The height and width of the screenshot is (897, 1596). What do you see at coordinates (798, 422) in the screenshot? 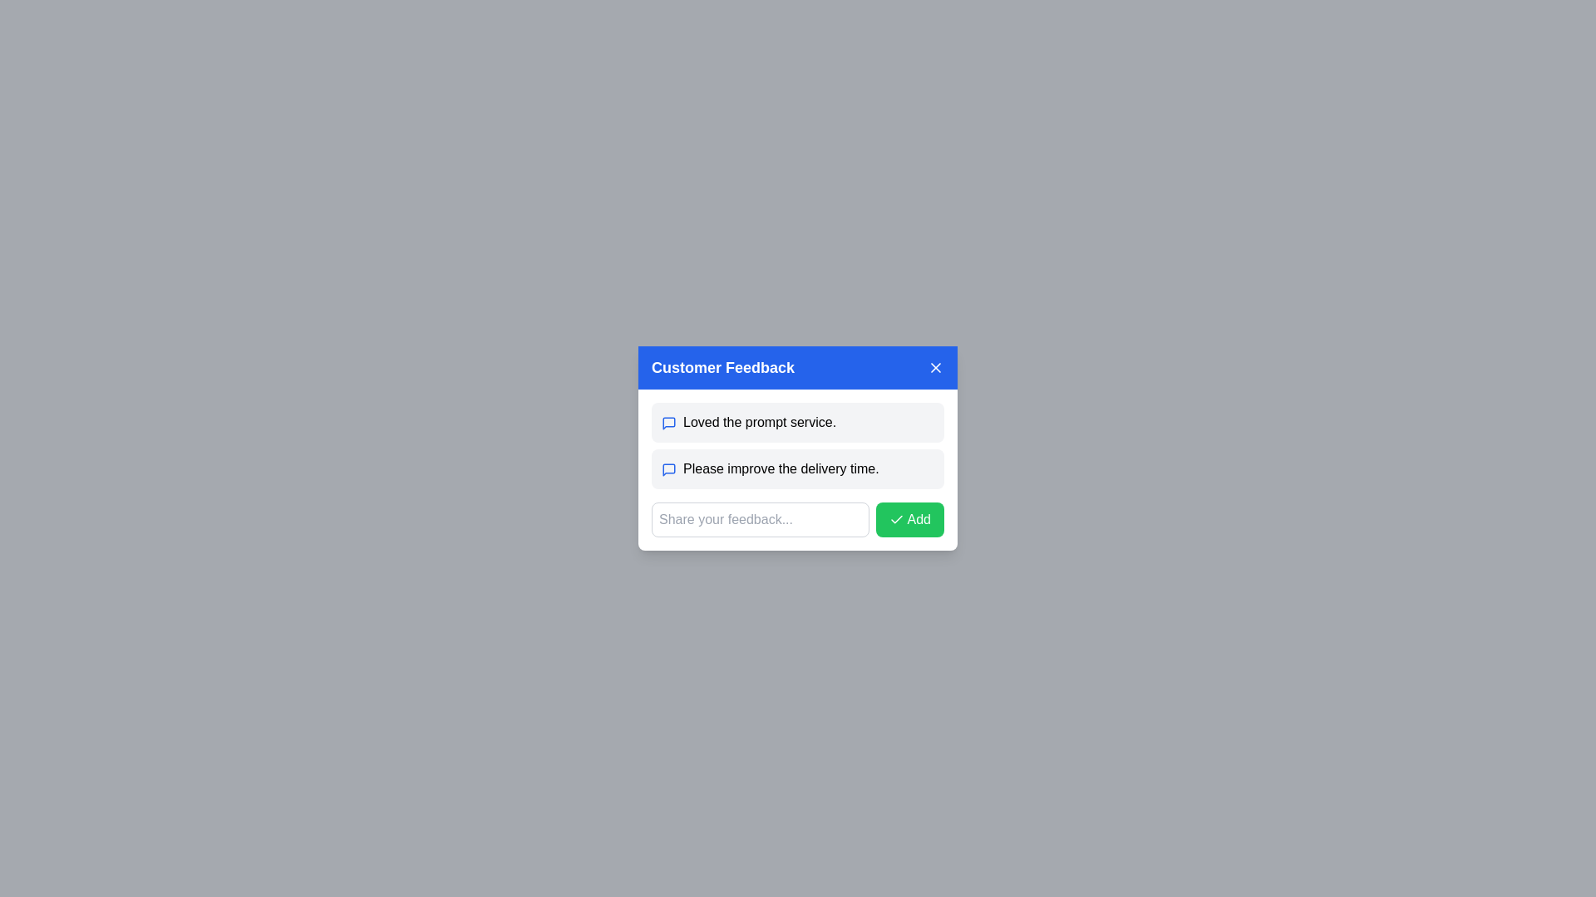
I see `text content of the first feedback message bubble containing 'Loved the prompt service.' positioned below 'Customer Feedback'` at bounding box center [798, 422].